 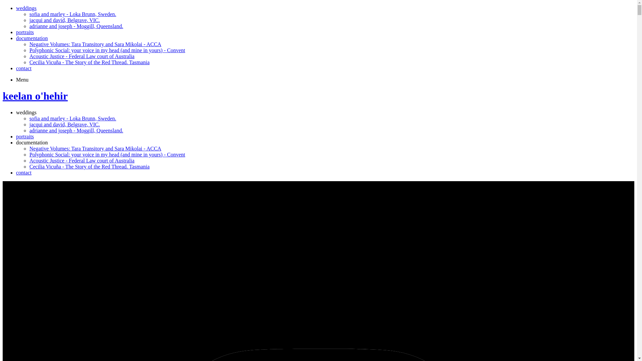 What do you see at coordinates (81, 160) in the screenshot?
I see `'Acoustic Justice - Federal Law court of Australia'` at bounding box center [81, 160].